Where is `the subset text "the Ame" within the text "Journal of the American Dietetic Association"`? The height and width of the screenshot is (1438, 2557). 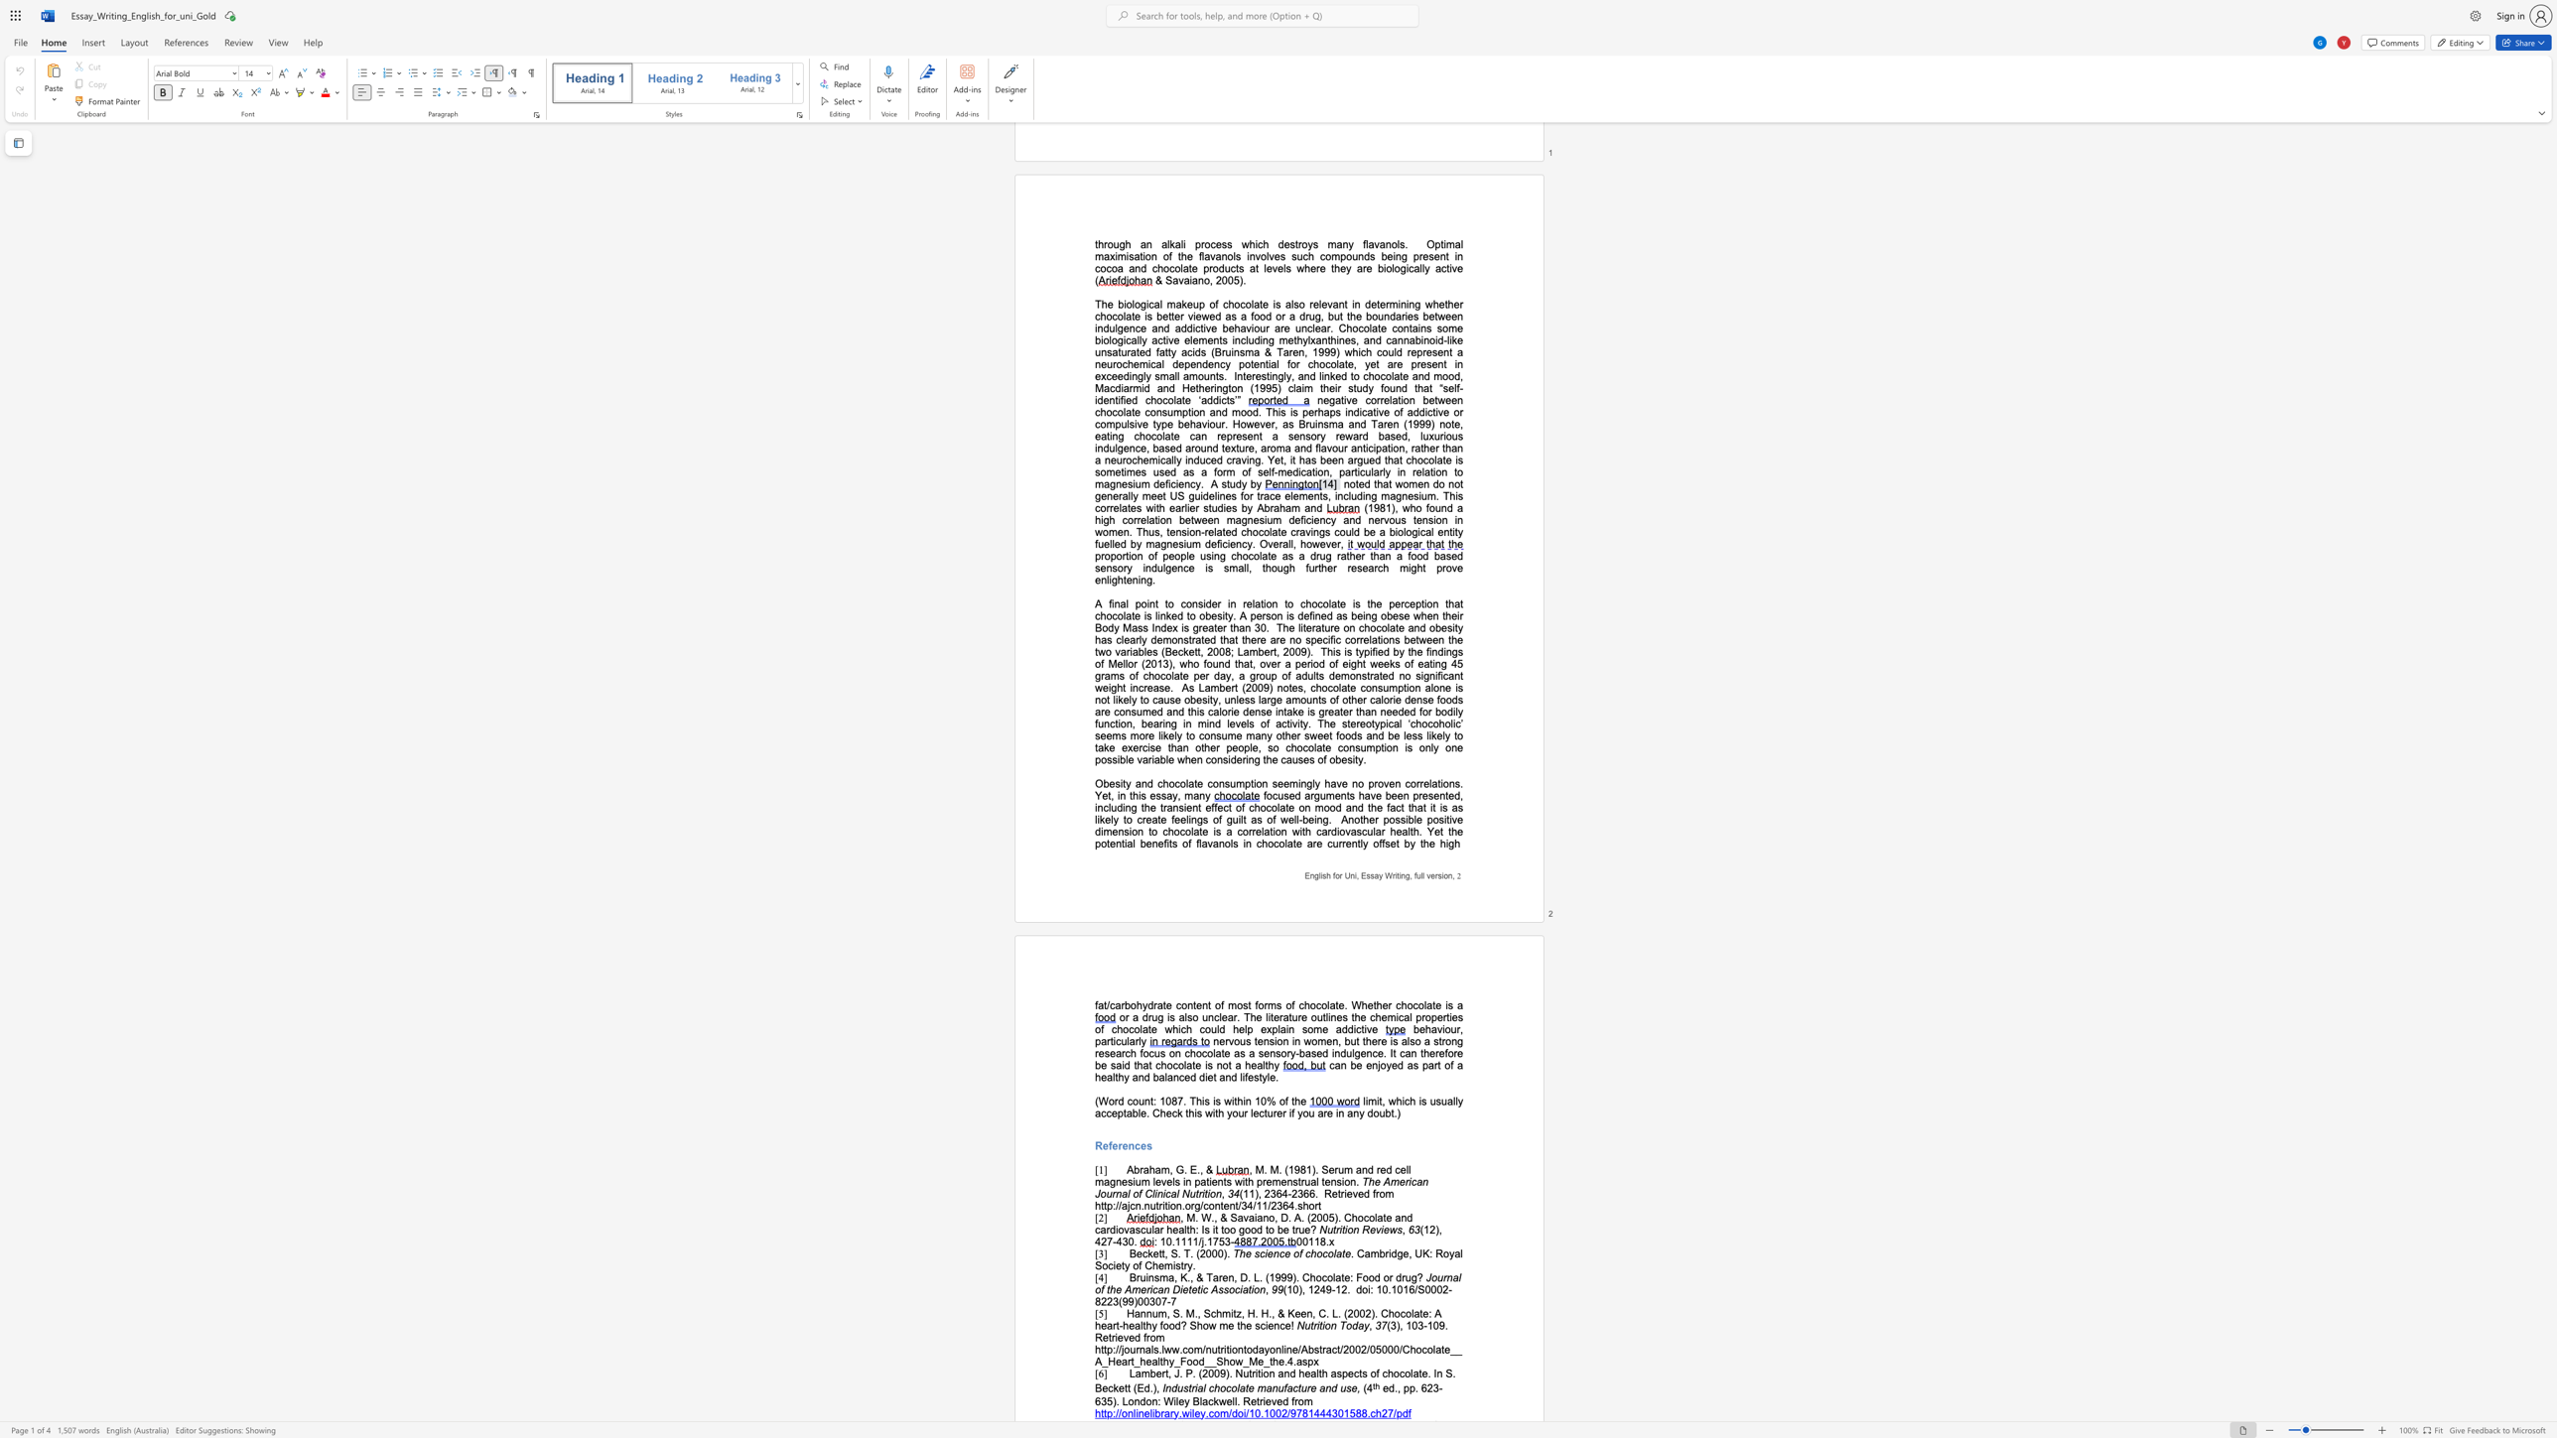 the subset text "the Ame" within the text "Journal of the American Dietetic Association" is located at coordinates (1107, 1289).